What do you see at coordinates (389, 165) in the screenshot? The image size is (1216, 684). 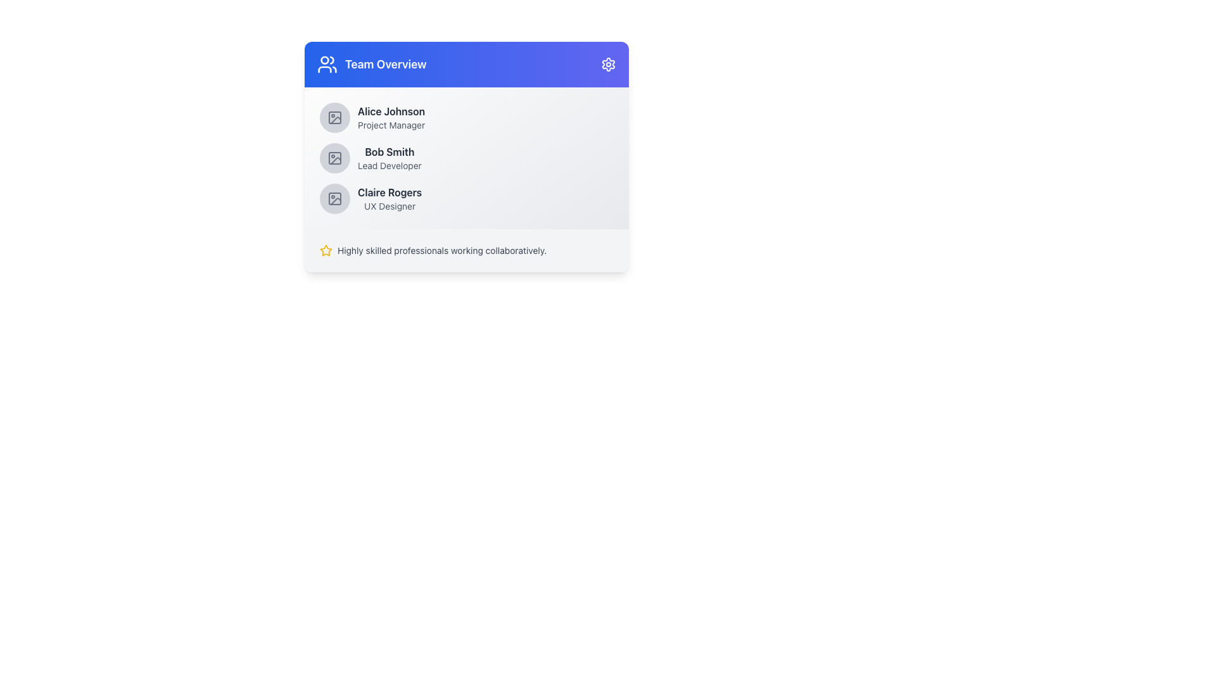 I see `the text label reading 'Lead Developer', which is styled in a smaller, gray font and positioned below 'Bob Smith' in the main content area` at bounding box center [389, 165].